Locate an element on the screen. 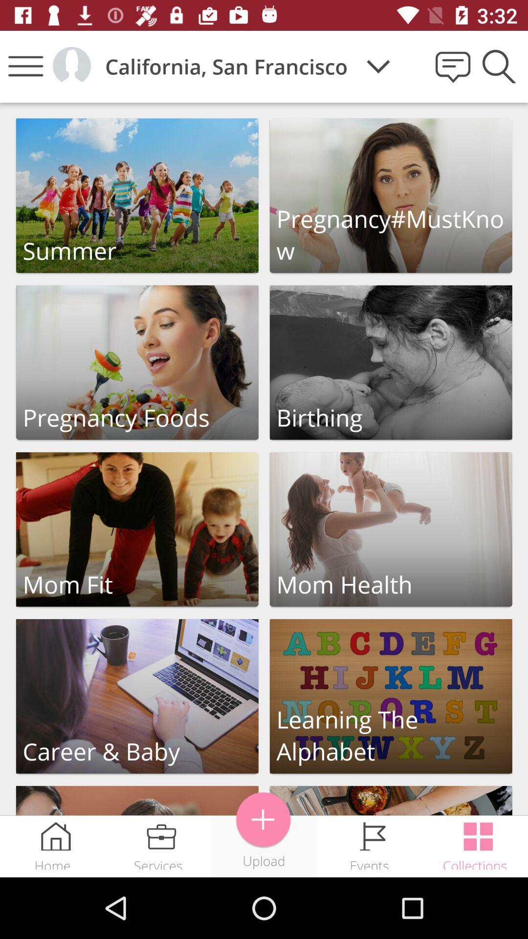 Image resolution: width=528 pixels, height=939 pixels. category selection is located at coordinates (390, 529).